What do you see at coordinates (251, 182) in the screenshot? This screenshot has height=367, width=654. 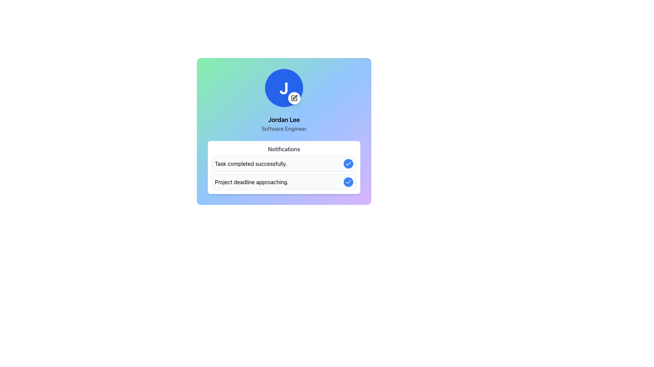 I see `the text label that displays 'Project deadline approaching.' within the notification card, which has a light gray background and rounded edges` at bounding box center [251, 182].